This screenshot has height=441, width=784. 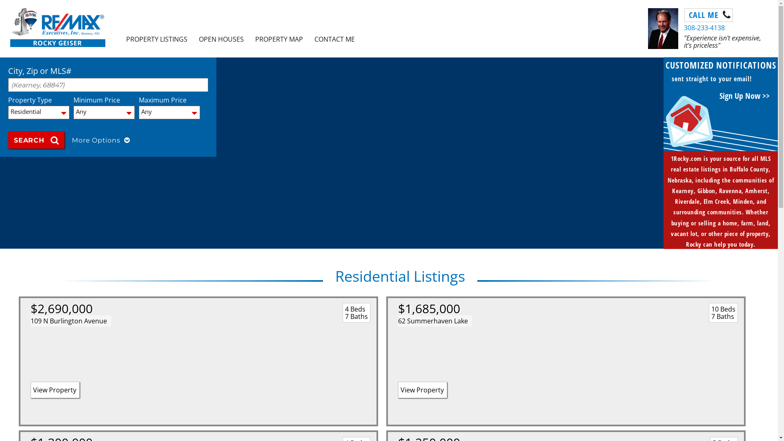 What do you see at coordinates (308, 39) in the screenshot?
I see `'CONTACT ME'` at bounding box center [308, 39].